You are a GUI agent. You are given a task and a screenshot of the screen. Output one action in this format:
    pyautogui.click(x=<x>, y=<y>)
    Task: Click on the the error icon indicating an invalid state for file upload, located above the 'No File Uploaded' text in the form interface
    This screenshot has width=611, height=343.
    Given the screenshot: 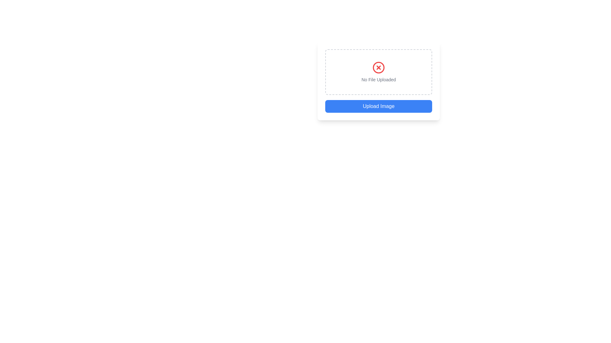 What is the action you would take?
    pyautogui.click(x=379, y=67)
    